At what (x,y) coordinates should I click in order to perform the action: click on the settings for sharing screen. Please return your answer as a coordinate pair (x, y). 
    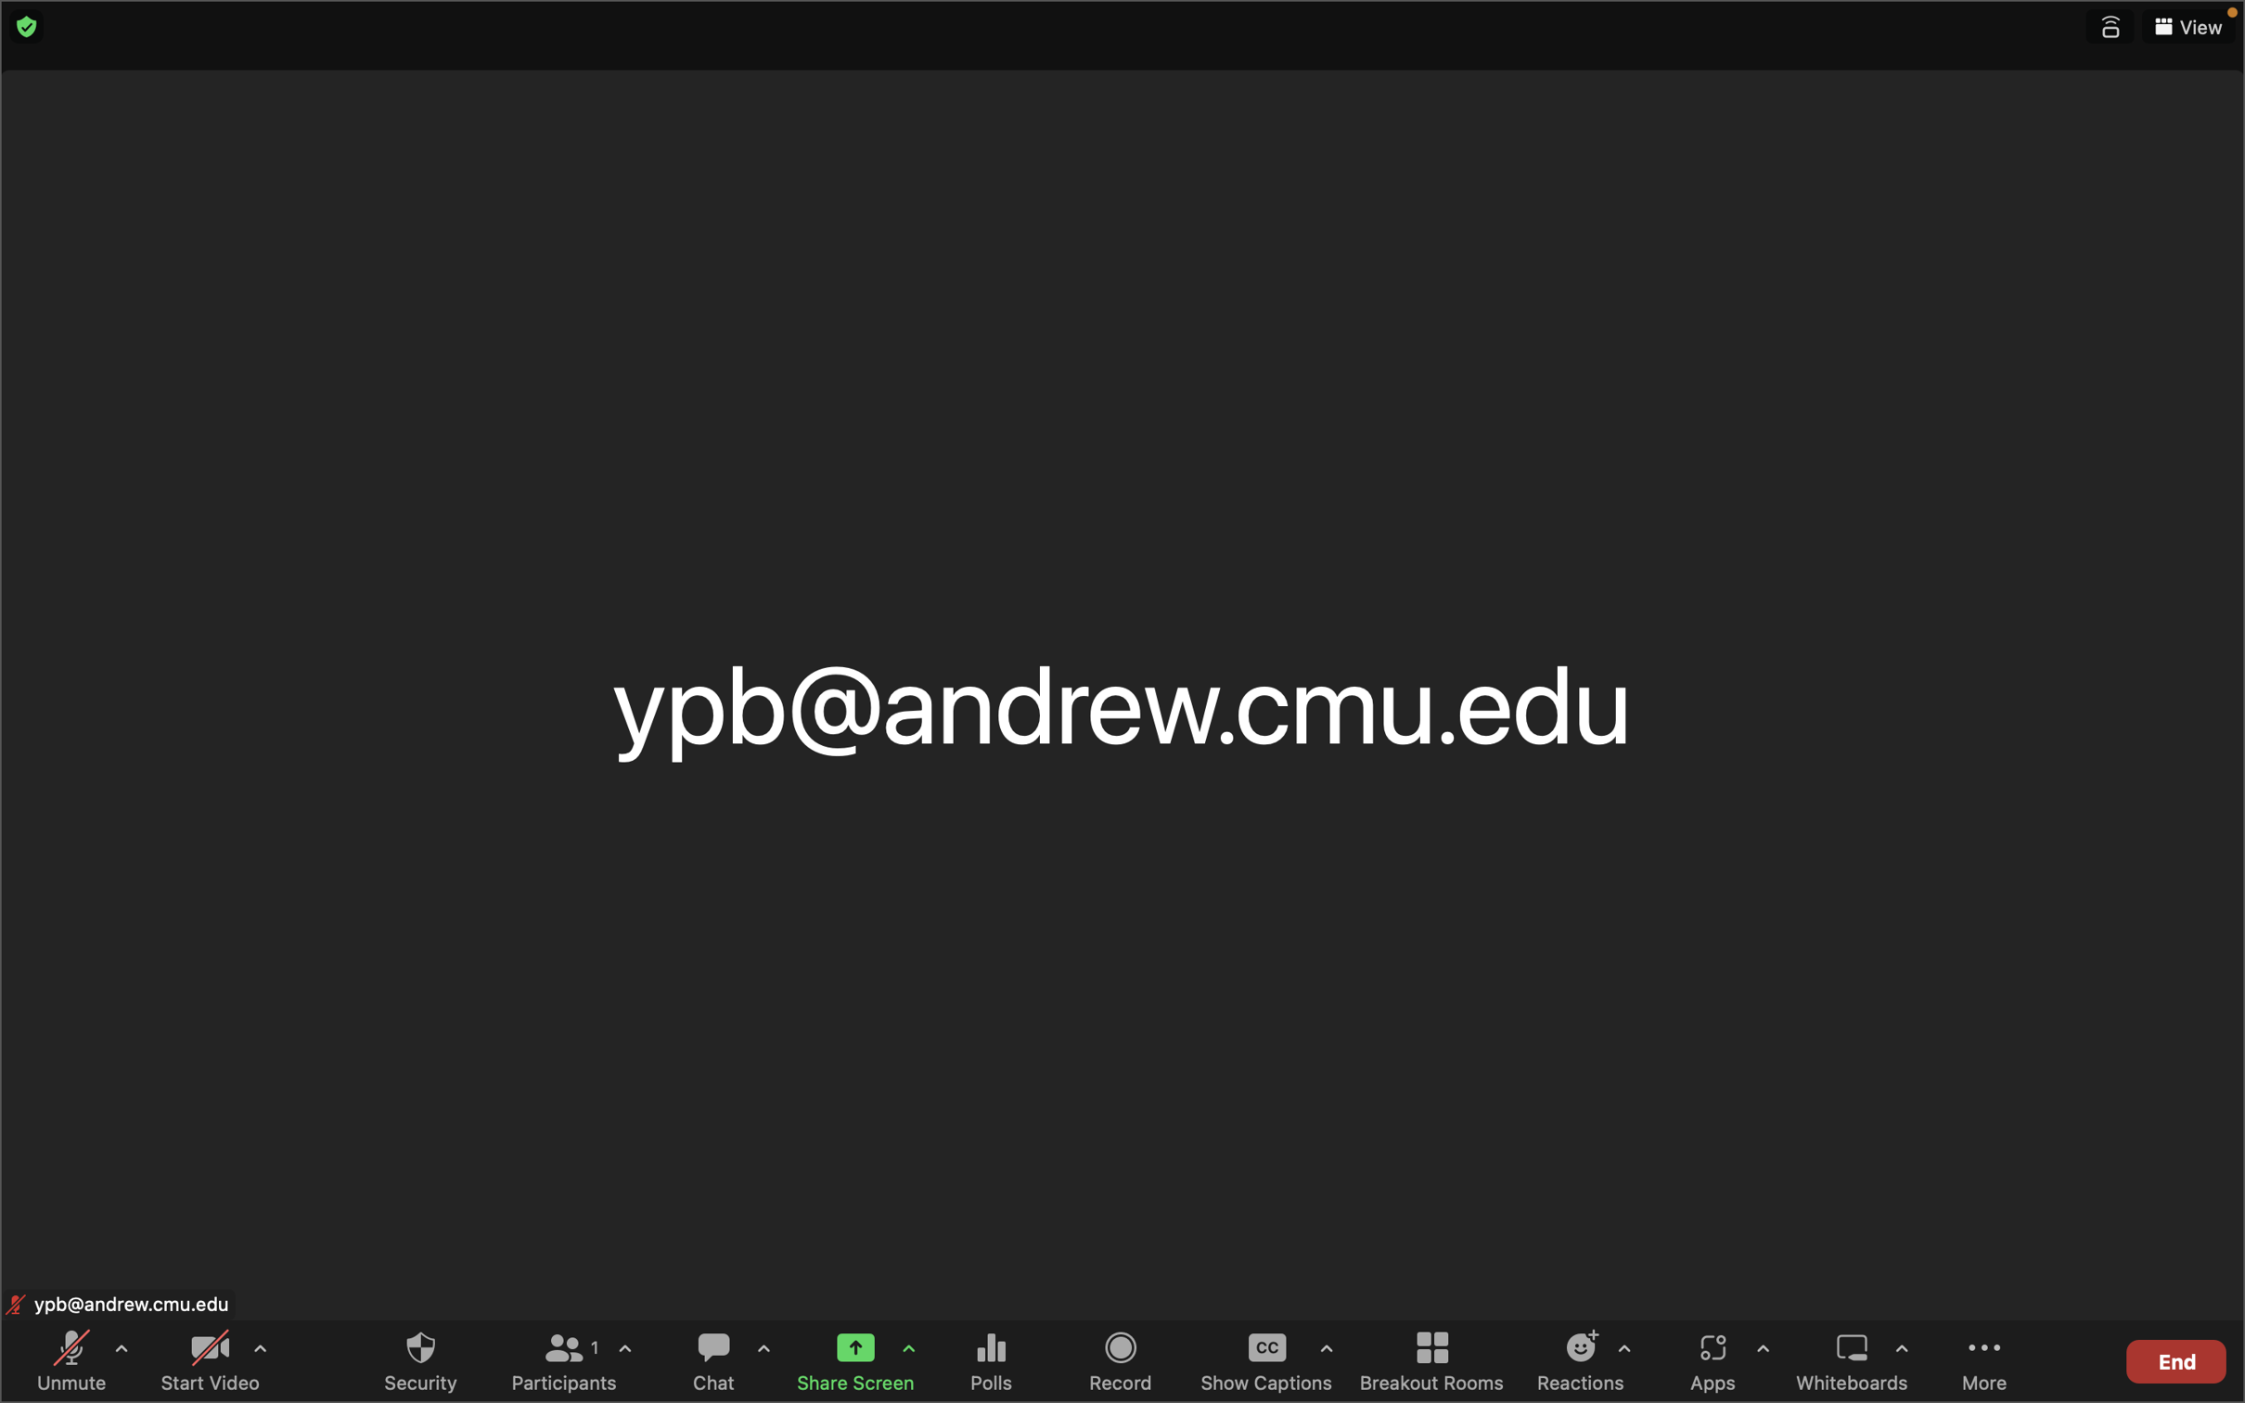
    Looking at the image, I should click on (908, 1351).